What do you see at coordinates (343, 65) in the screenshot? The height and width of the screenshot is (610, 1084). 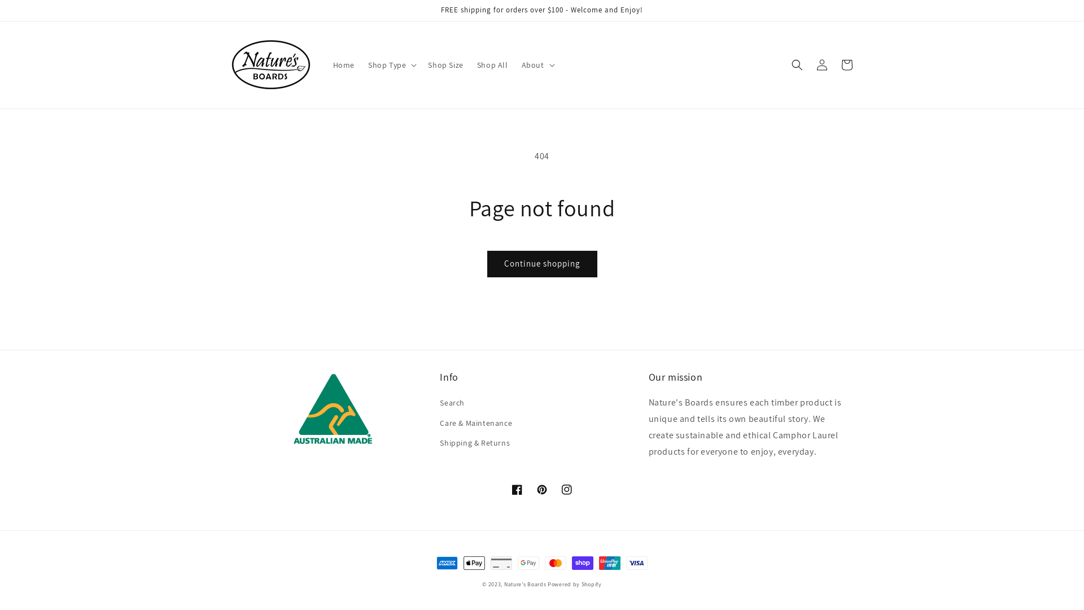 I see `'Home'` at bounding box center [343, 65].